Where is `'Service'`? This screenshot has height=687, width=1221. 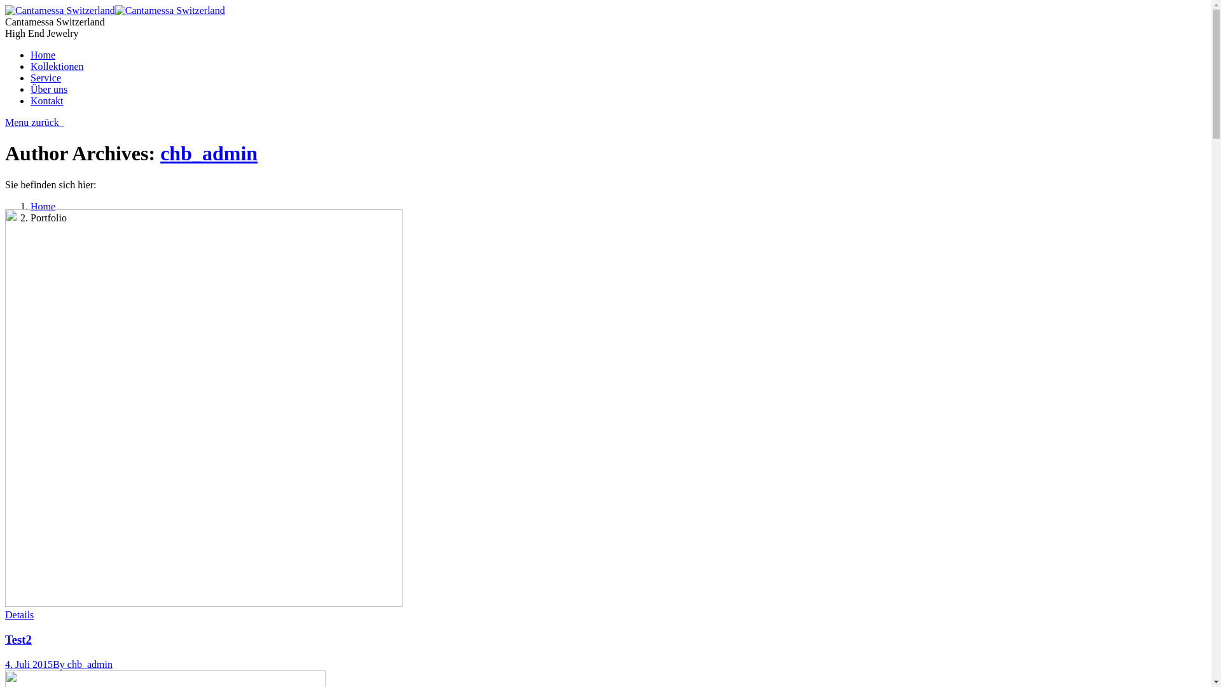 'Service' is located at coordinates (46, 78).